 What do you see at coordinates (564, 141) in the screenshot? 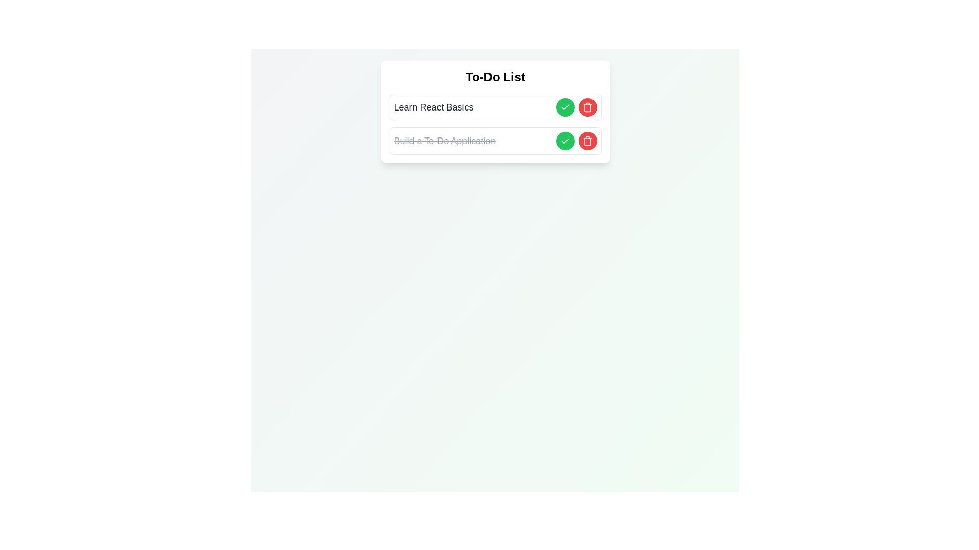
I see `the checkmark icon with a rounded style and light green background, located on the right side of the item labeled 'Build a To-Do Application' in the second row of the to-do list` at bounding box center [564, 141].